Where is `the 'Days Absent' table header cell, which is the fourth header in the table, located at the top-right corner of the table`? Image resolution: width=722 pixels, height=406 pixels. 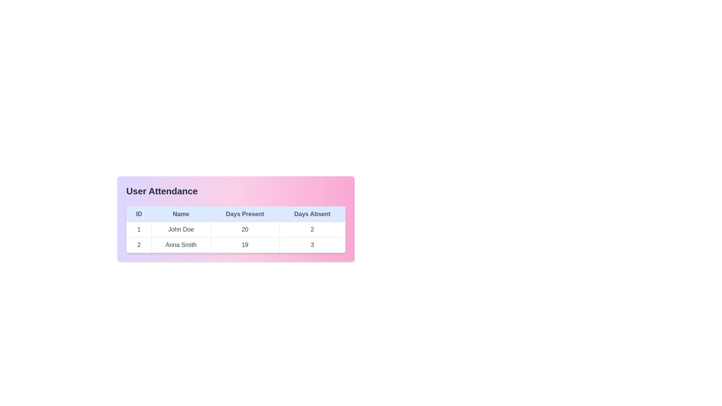
the 'Days Absent' table header cell, which is the fourth header in the table, located at the top-right corner of the table is located at coordinates (312, 214).